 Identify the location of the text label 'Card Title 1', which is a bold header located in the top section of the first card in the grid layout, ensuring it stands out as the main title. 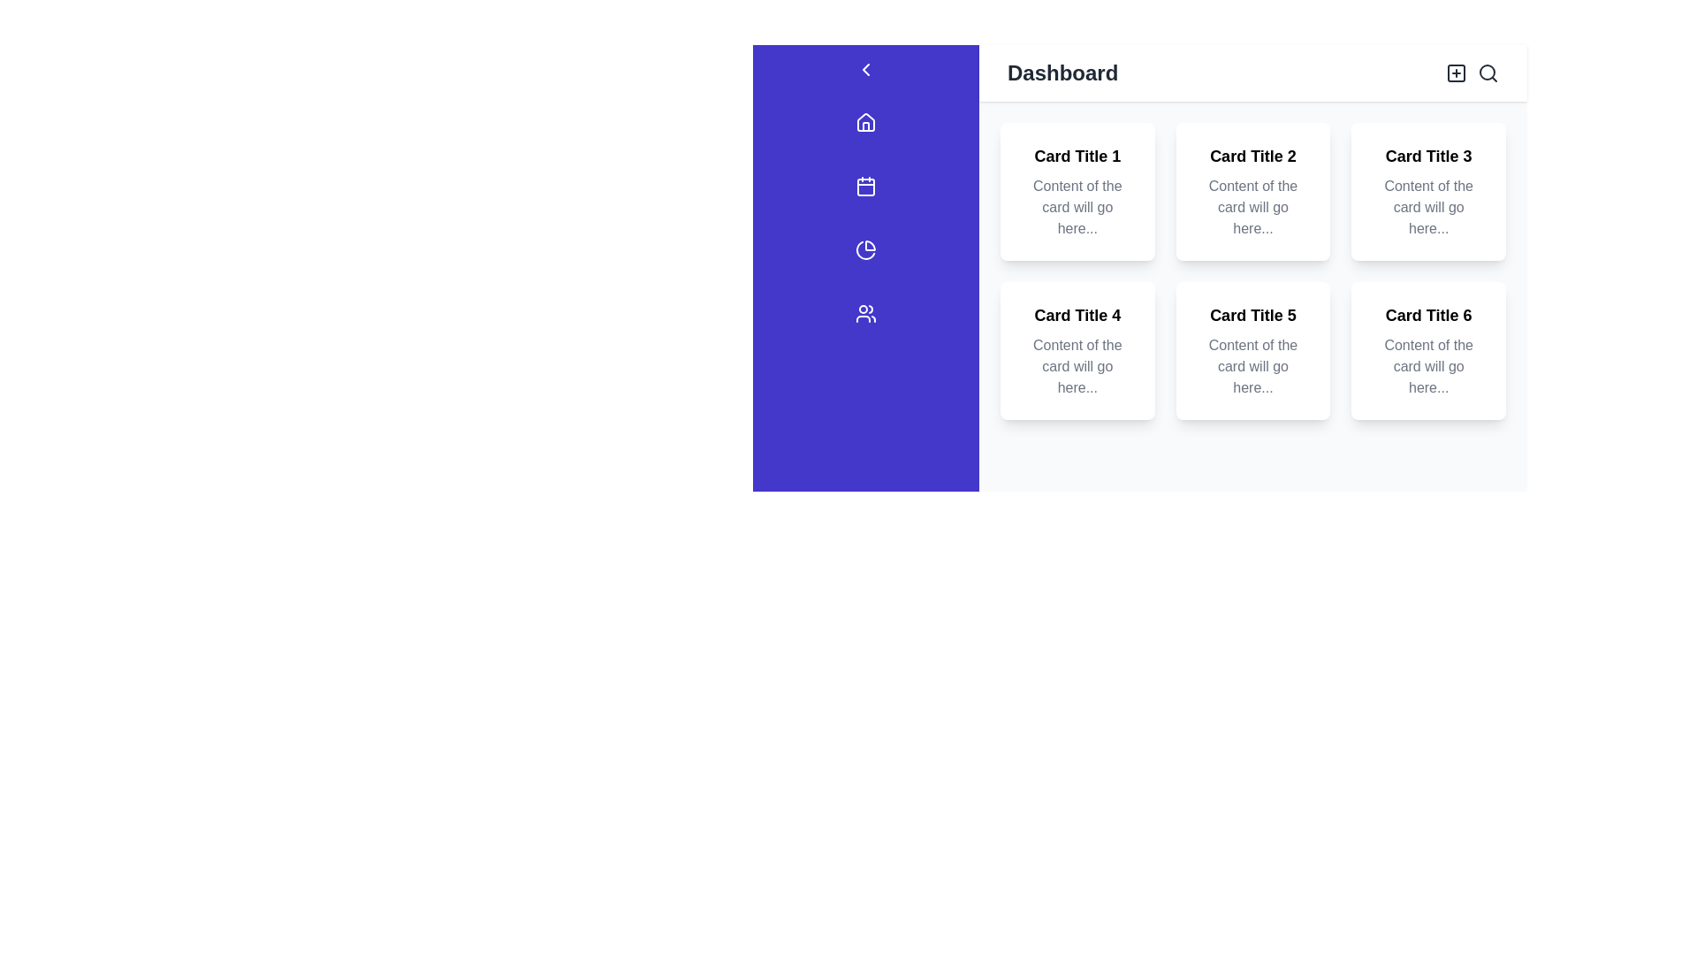
(1077, 156).